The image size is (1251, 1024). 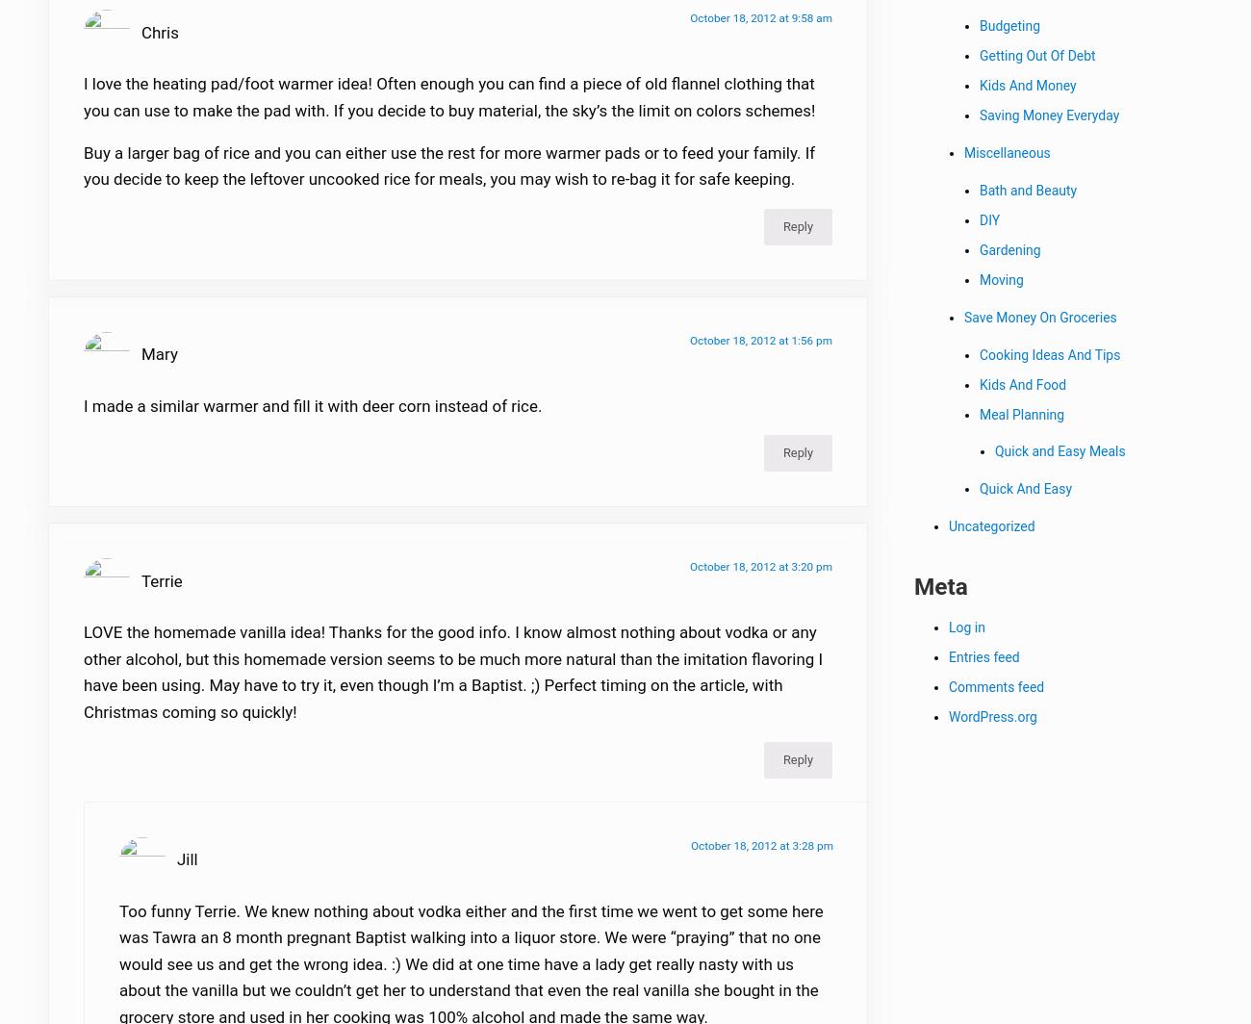 I want to click on 'Quick And Easy', so click(x=979, y=492).